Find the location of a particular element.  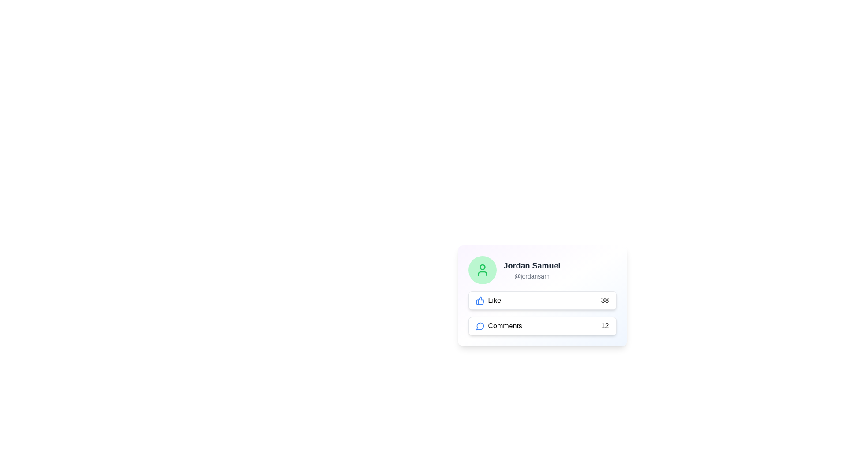

the Profile Header element, which serves as a profile summary header containing the user's name and handle, located at the top of the interface above the 'Like' and 'Comments' buttons is located at coordinates (542, 270).